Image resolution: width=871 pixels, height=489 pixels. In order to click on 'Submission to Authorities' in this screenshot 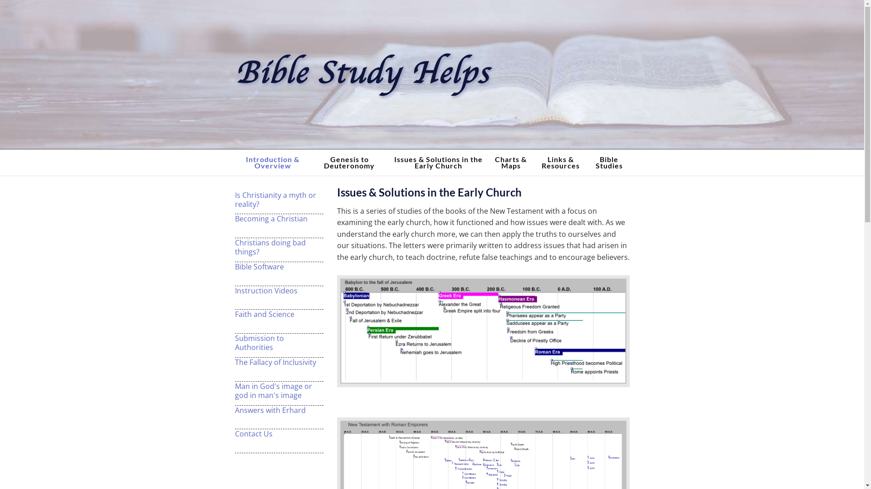, I will do `click(279, 342)`.